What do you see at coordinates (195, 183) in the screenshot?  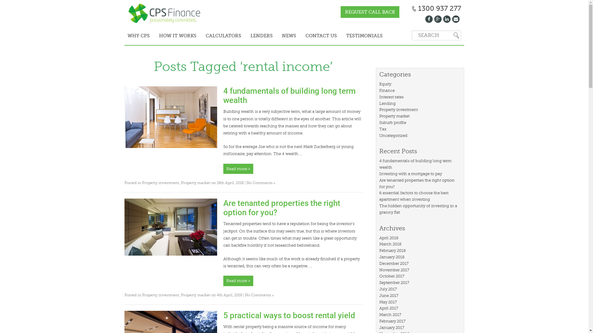 I see `'Property market'` at bounding box center [195, 183].